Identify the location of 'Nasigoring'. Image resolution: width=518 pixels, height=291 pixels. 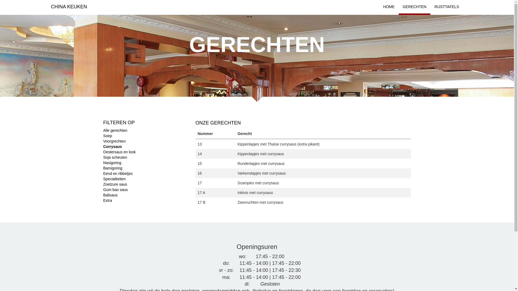
(103, 162).